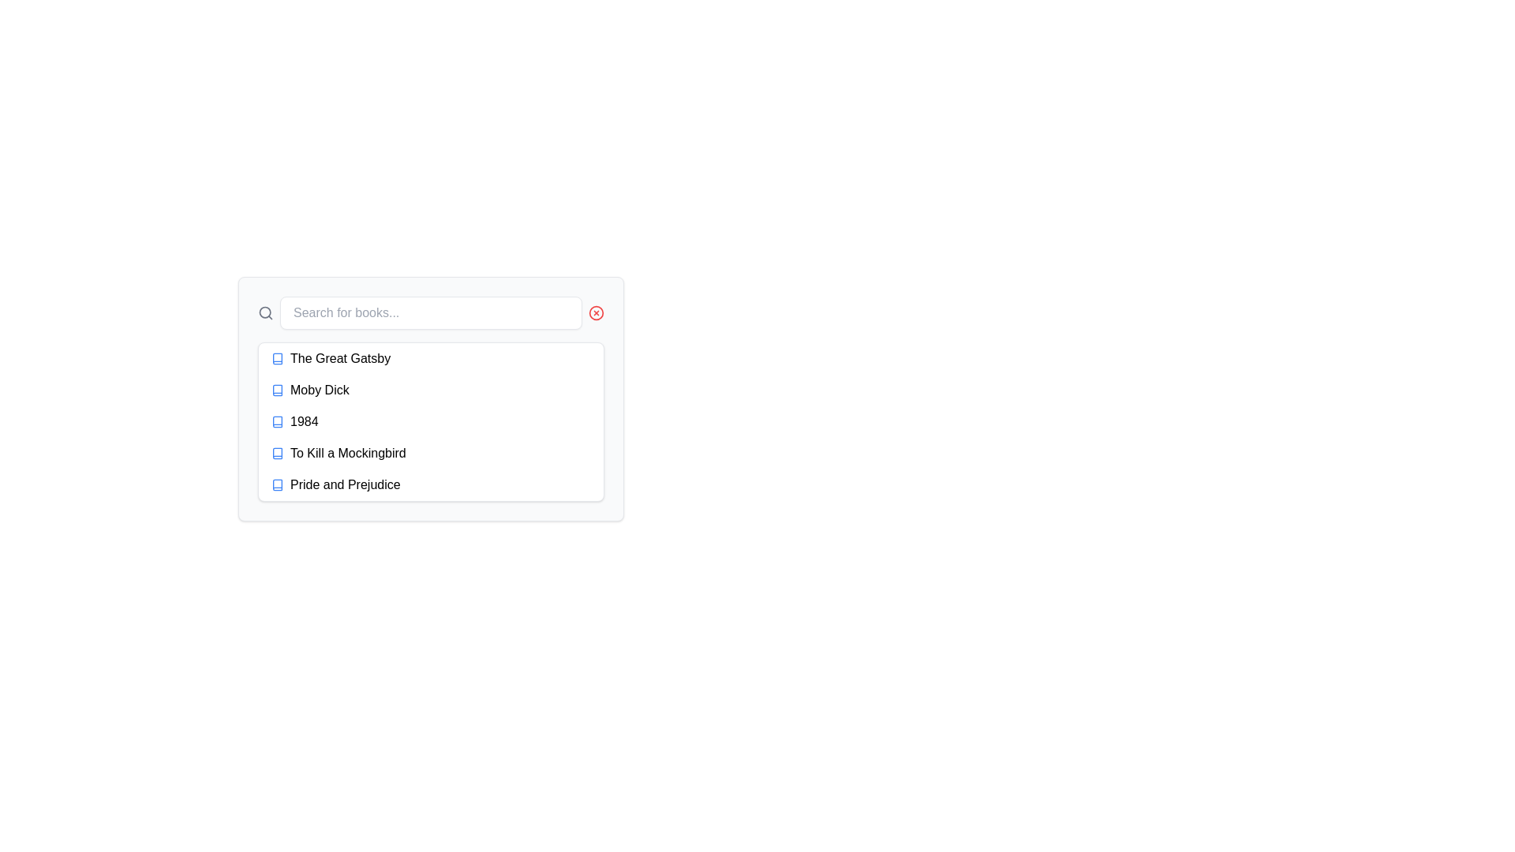  What do you see at coordinates (265, 313) in the screenshot?
I see `the magnifying glass icon representing the search functionality, located to the left of the search input field` at bounding box center [265, 313].